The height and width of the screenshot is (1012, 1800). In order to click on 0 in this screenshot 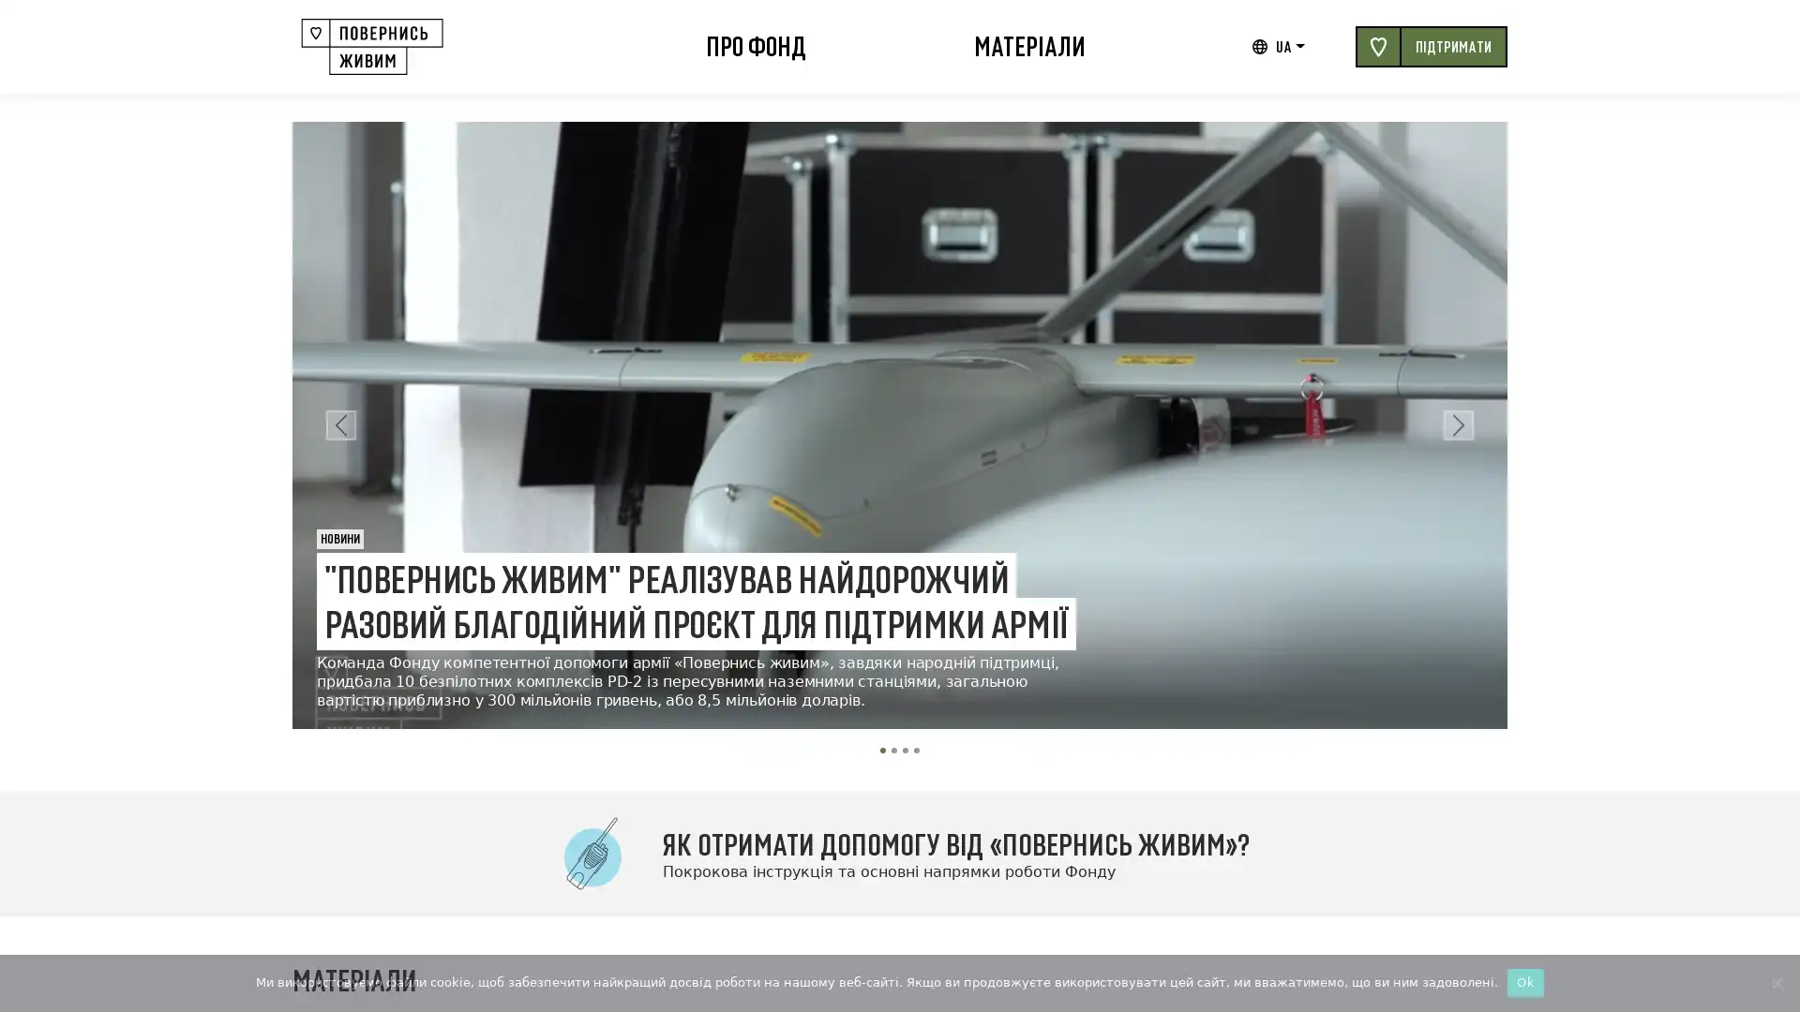, I will do `click(881, 750)`.